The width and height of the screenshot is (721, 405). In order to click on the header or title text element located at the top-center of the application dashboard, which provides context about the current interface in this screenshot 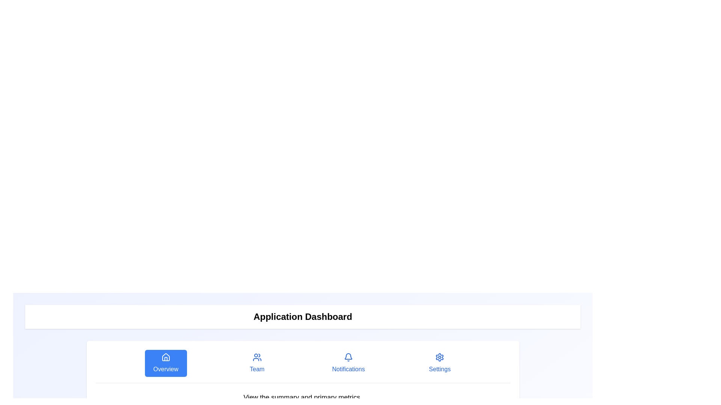, I will do `click(303, 316)`.